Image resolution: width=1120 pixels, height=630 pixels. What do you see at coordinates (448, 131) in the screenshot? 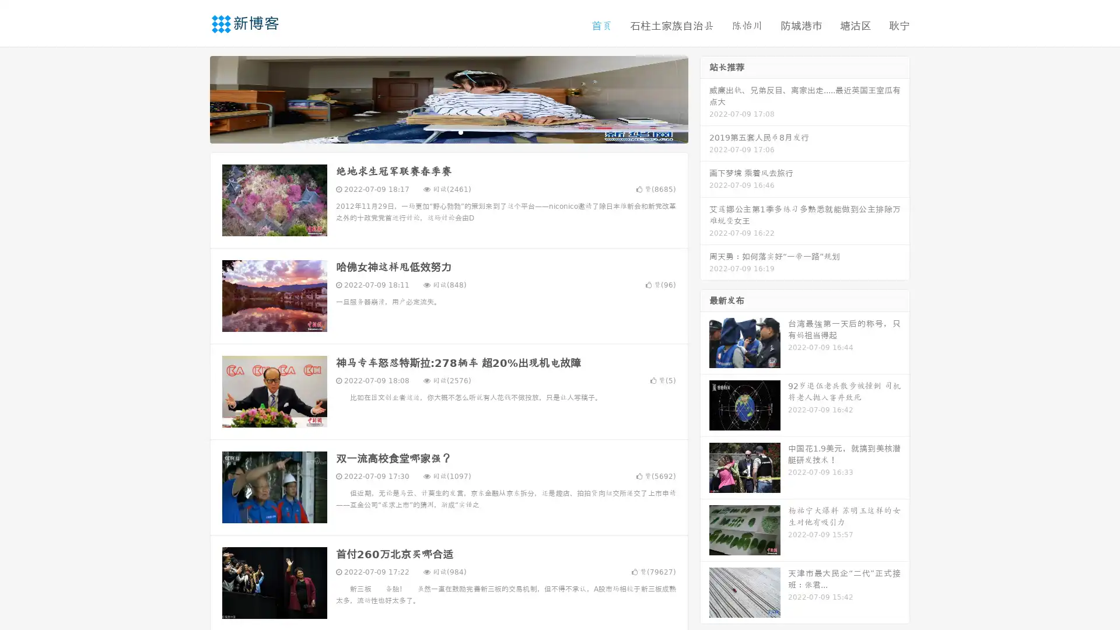
I see `Go to slide 2` at bounding box center [448, 131].